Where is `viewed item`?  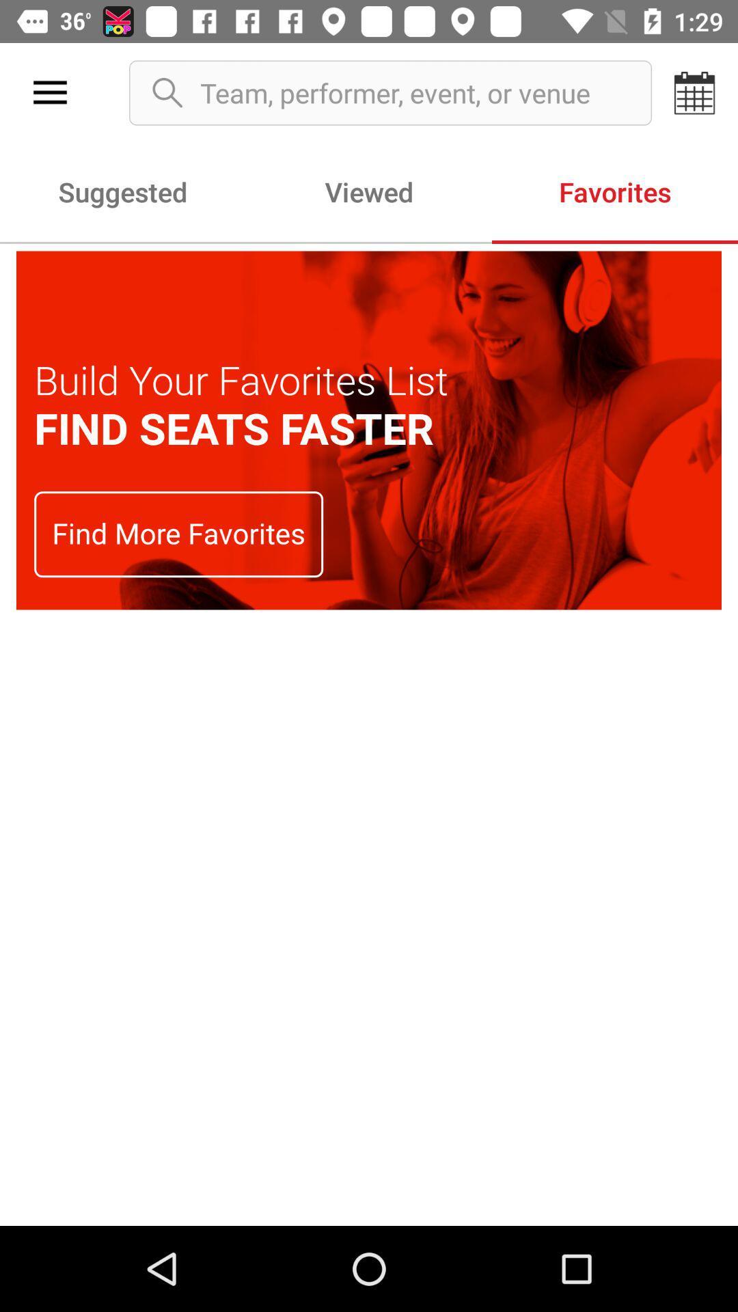 viewed item is located at coordinates (369, 191).